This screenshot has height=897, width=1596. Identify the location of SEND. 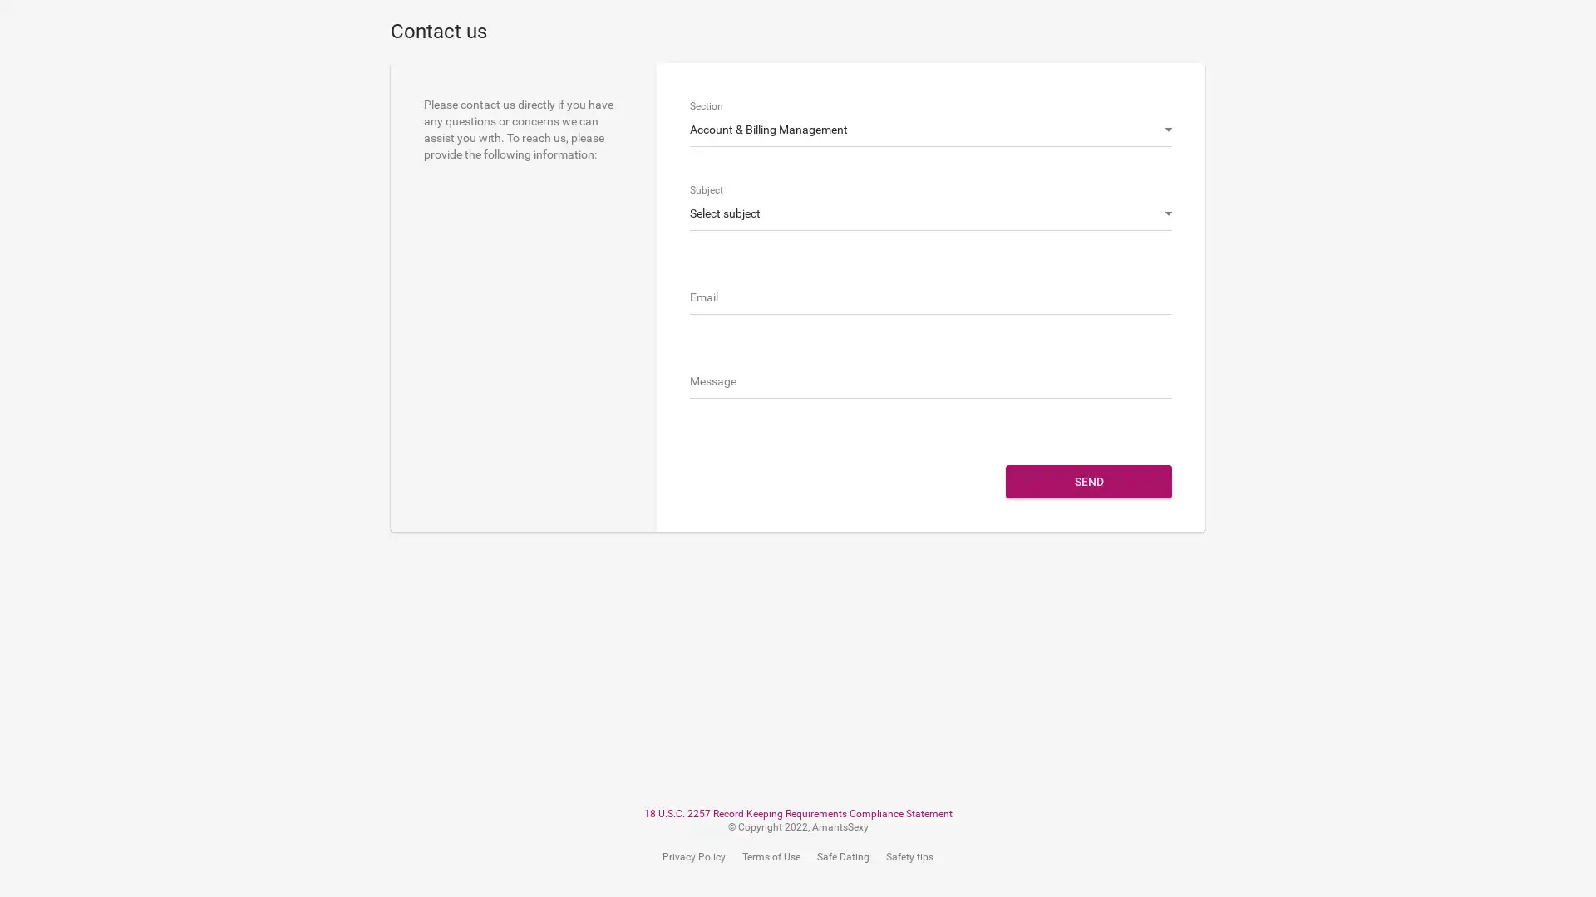
(1089, 547).